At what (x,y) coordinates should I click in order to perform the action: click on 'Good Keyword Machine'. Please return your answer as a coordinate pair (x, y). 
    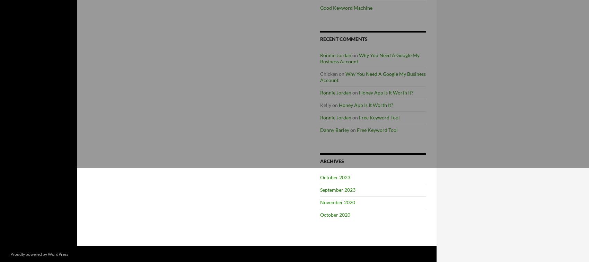
    Looking at the image, I should click on (346, 7).